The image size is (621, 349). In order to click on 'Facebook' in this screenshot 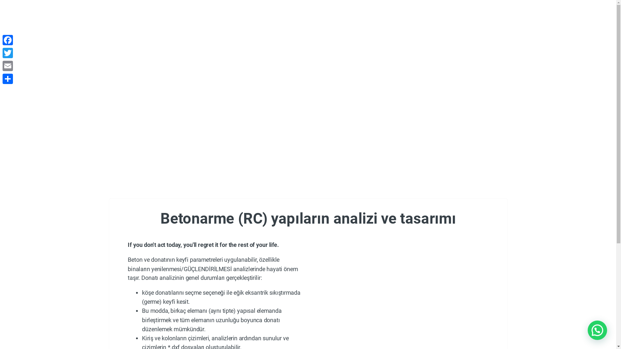, I will do `click(8, 40)`.